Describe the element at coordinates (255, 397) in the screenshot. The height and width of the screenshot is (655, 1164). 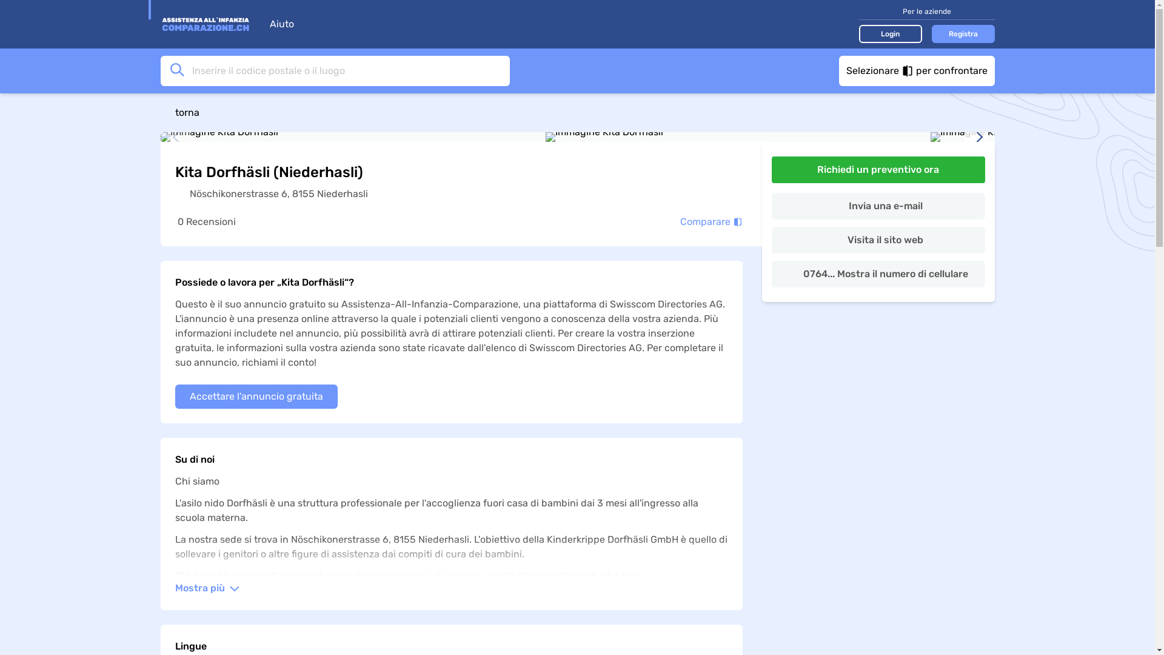
I see `'Accettare l'annuncio gratuita'` at that location.